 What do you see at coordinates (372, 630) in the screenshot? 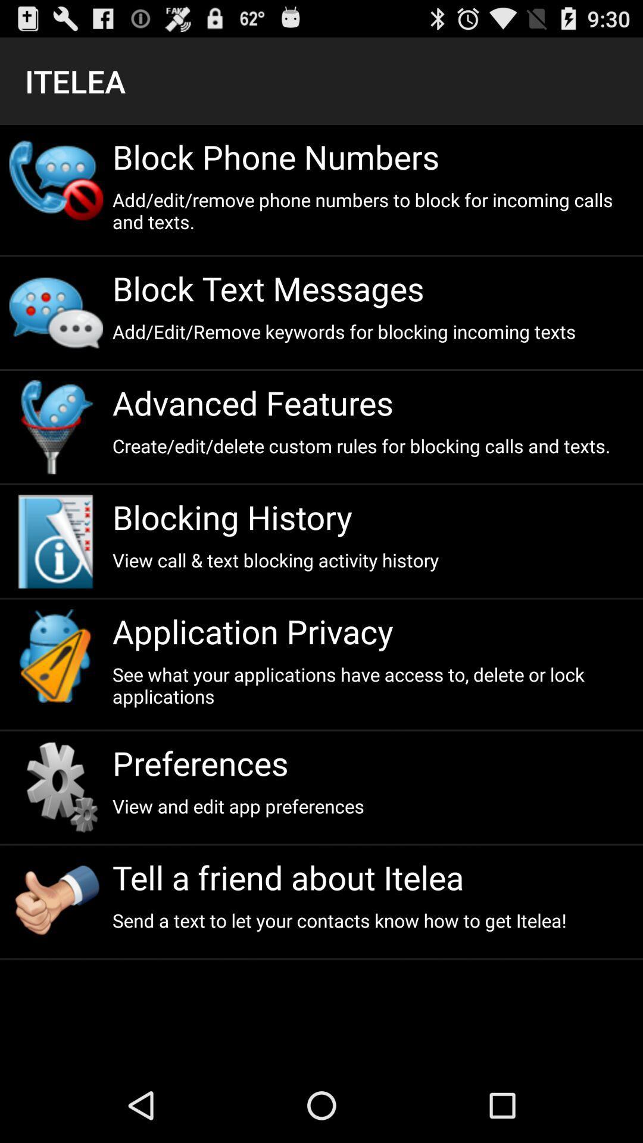
I see `application privacy app` at bounding box center [372, 630].